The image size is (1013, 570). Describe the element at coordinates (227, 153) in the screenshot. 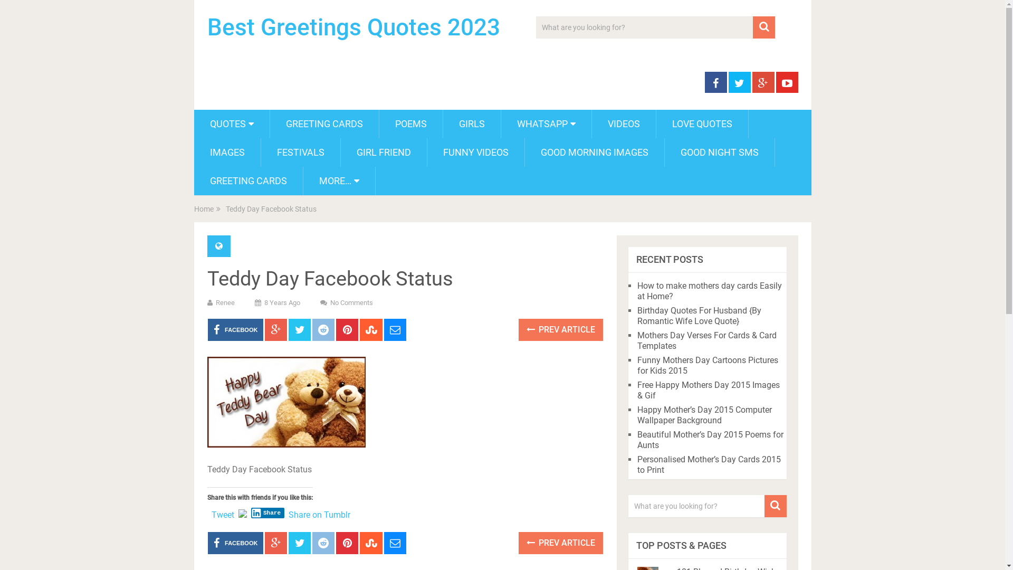

I see `'IMAGES'` at that location.